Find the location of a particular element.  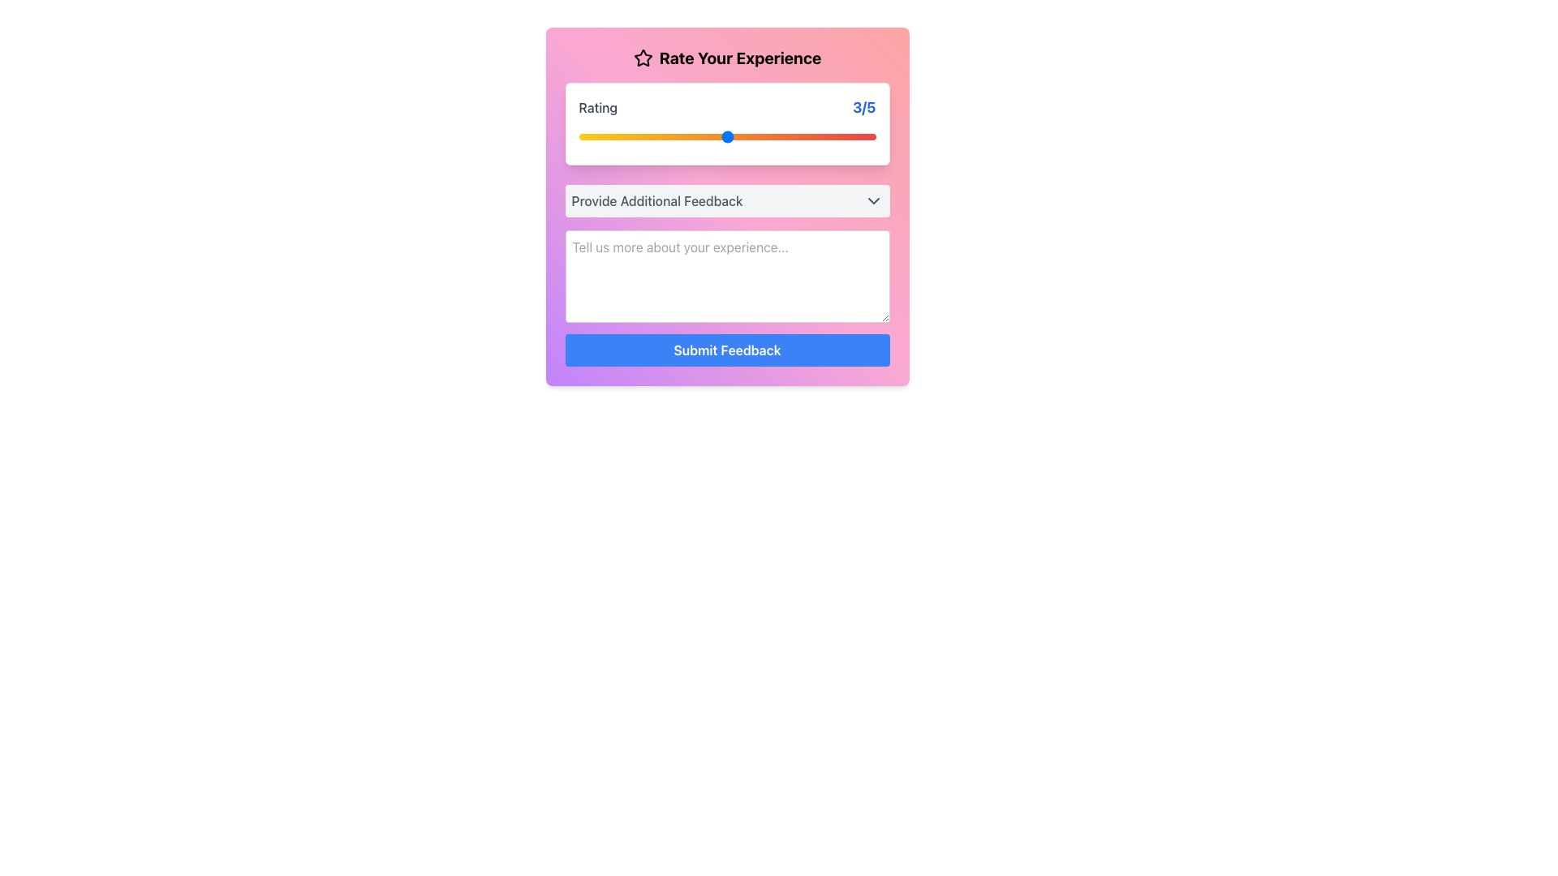

the rating is located at coordinates (802, 136).